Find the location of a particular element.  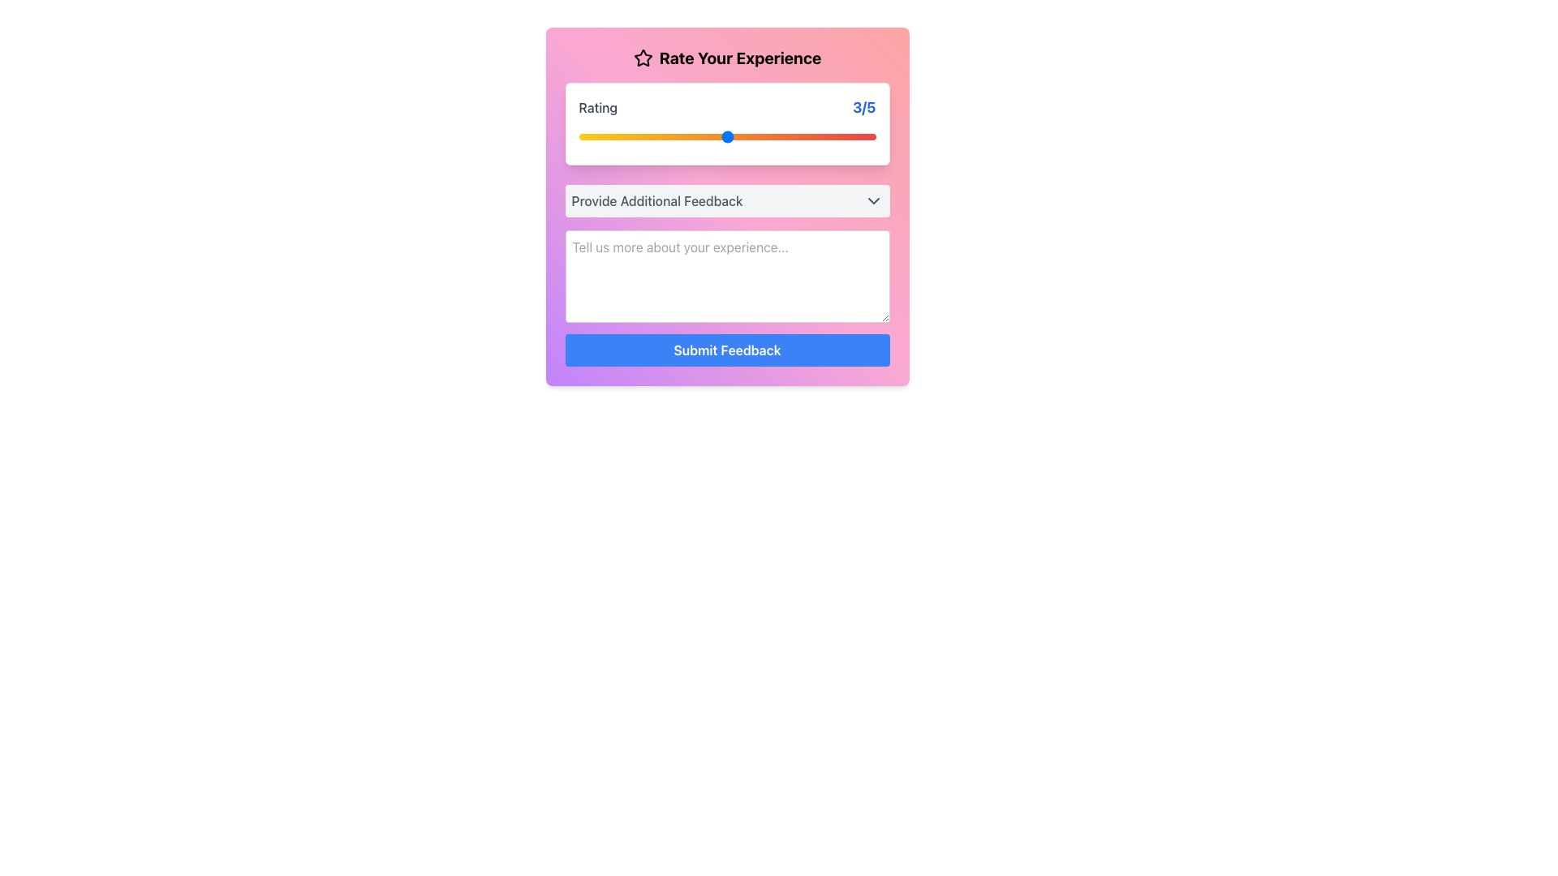

the rating is located at coordinates (802, 136).